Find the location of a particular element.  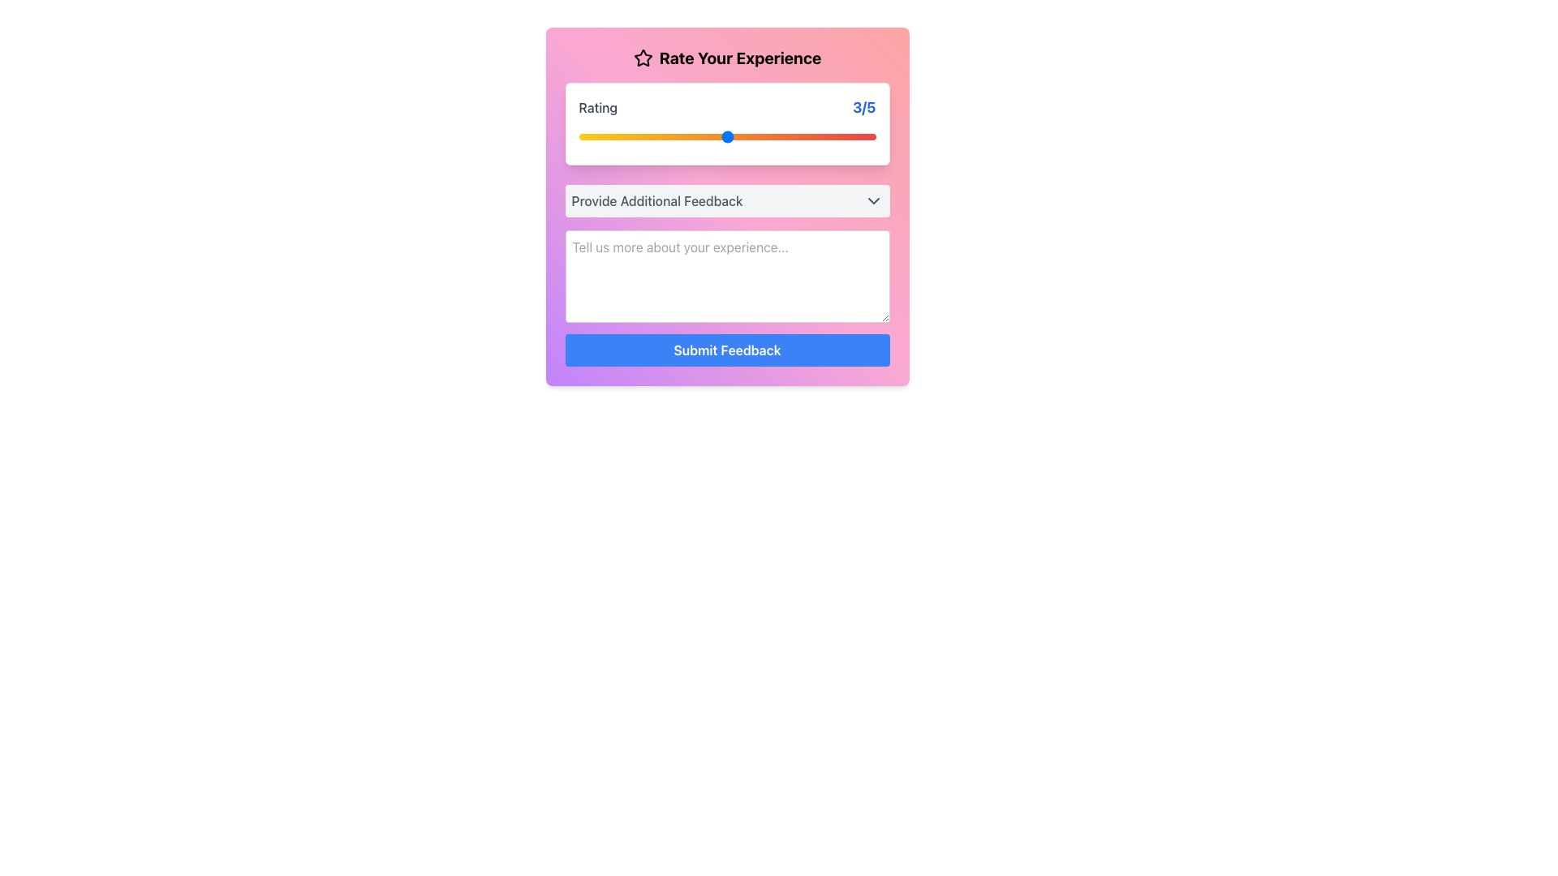

the rating is located at coordinates (802, 136).